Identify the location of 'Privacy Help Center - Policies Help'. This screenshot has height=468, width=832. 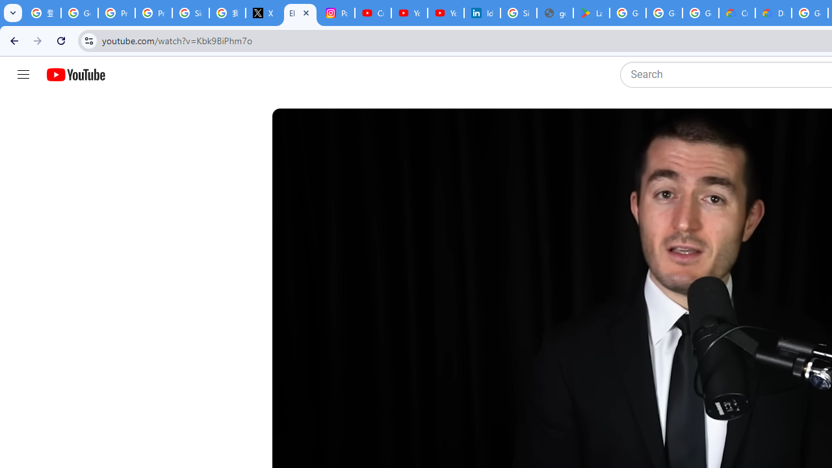
(153, 13).